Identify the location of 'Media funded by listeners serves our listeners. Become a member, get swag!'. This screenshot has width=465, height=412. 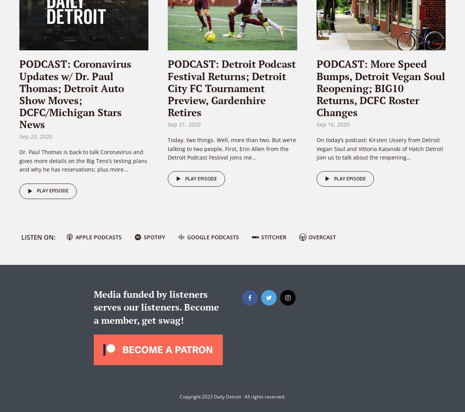
(93, 307).